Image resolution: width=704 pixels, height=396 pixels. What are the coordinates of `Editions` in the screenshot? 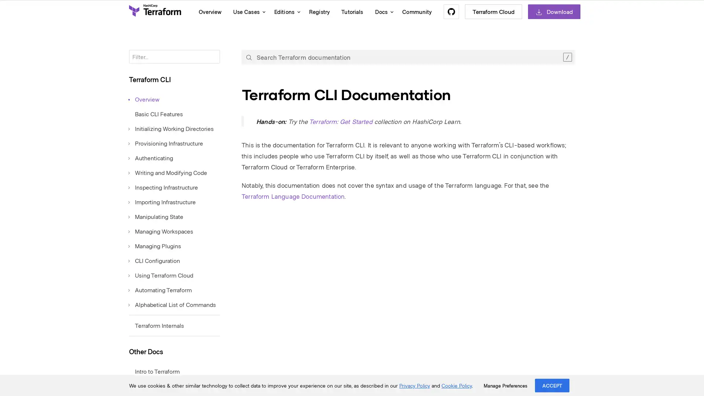 It's located at (285, 11).